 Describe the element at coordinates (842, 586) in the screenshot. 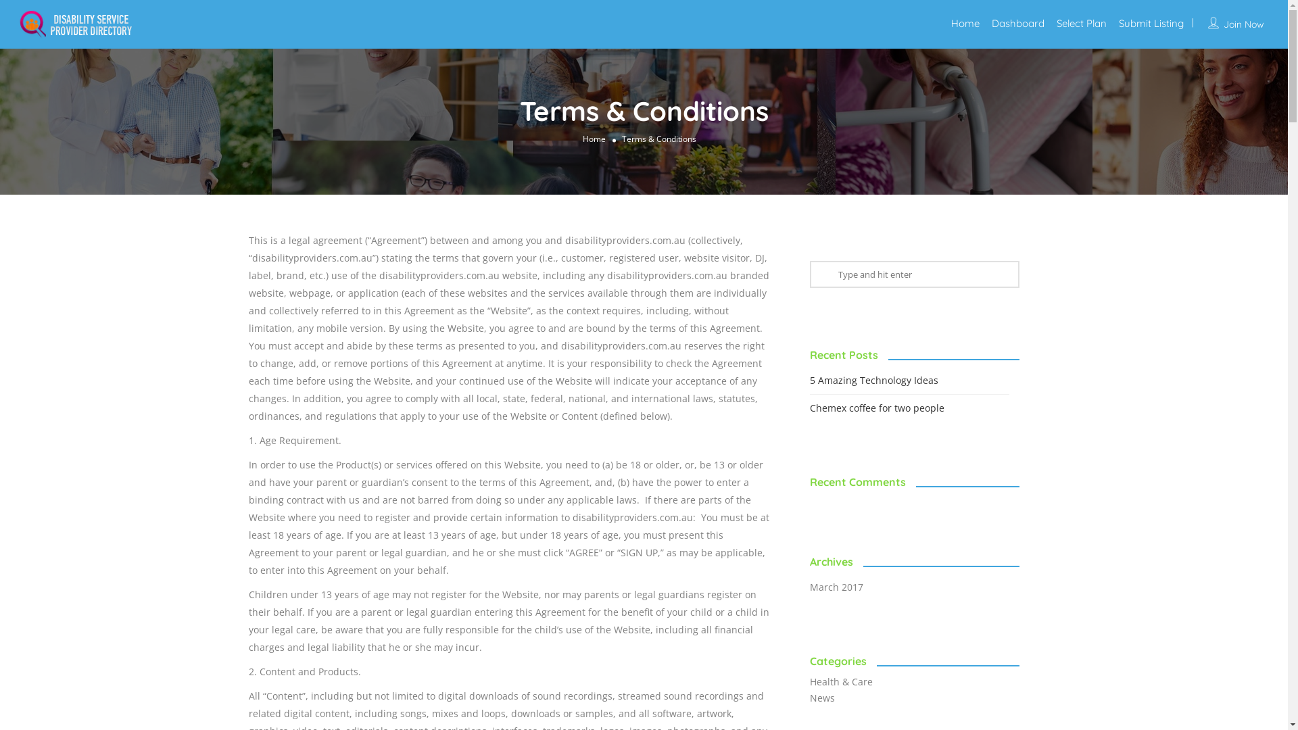

I see `'March 2017'` at that location.